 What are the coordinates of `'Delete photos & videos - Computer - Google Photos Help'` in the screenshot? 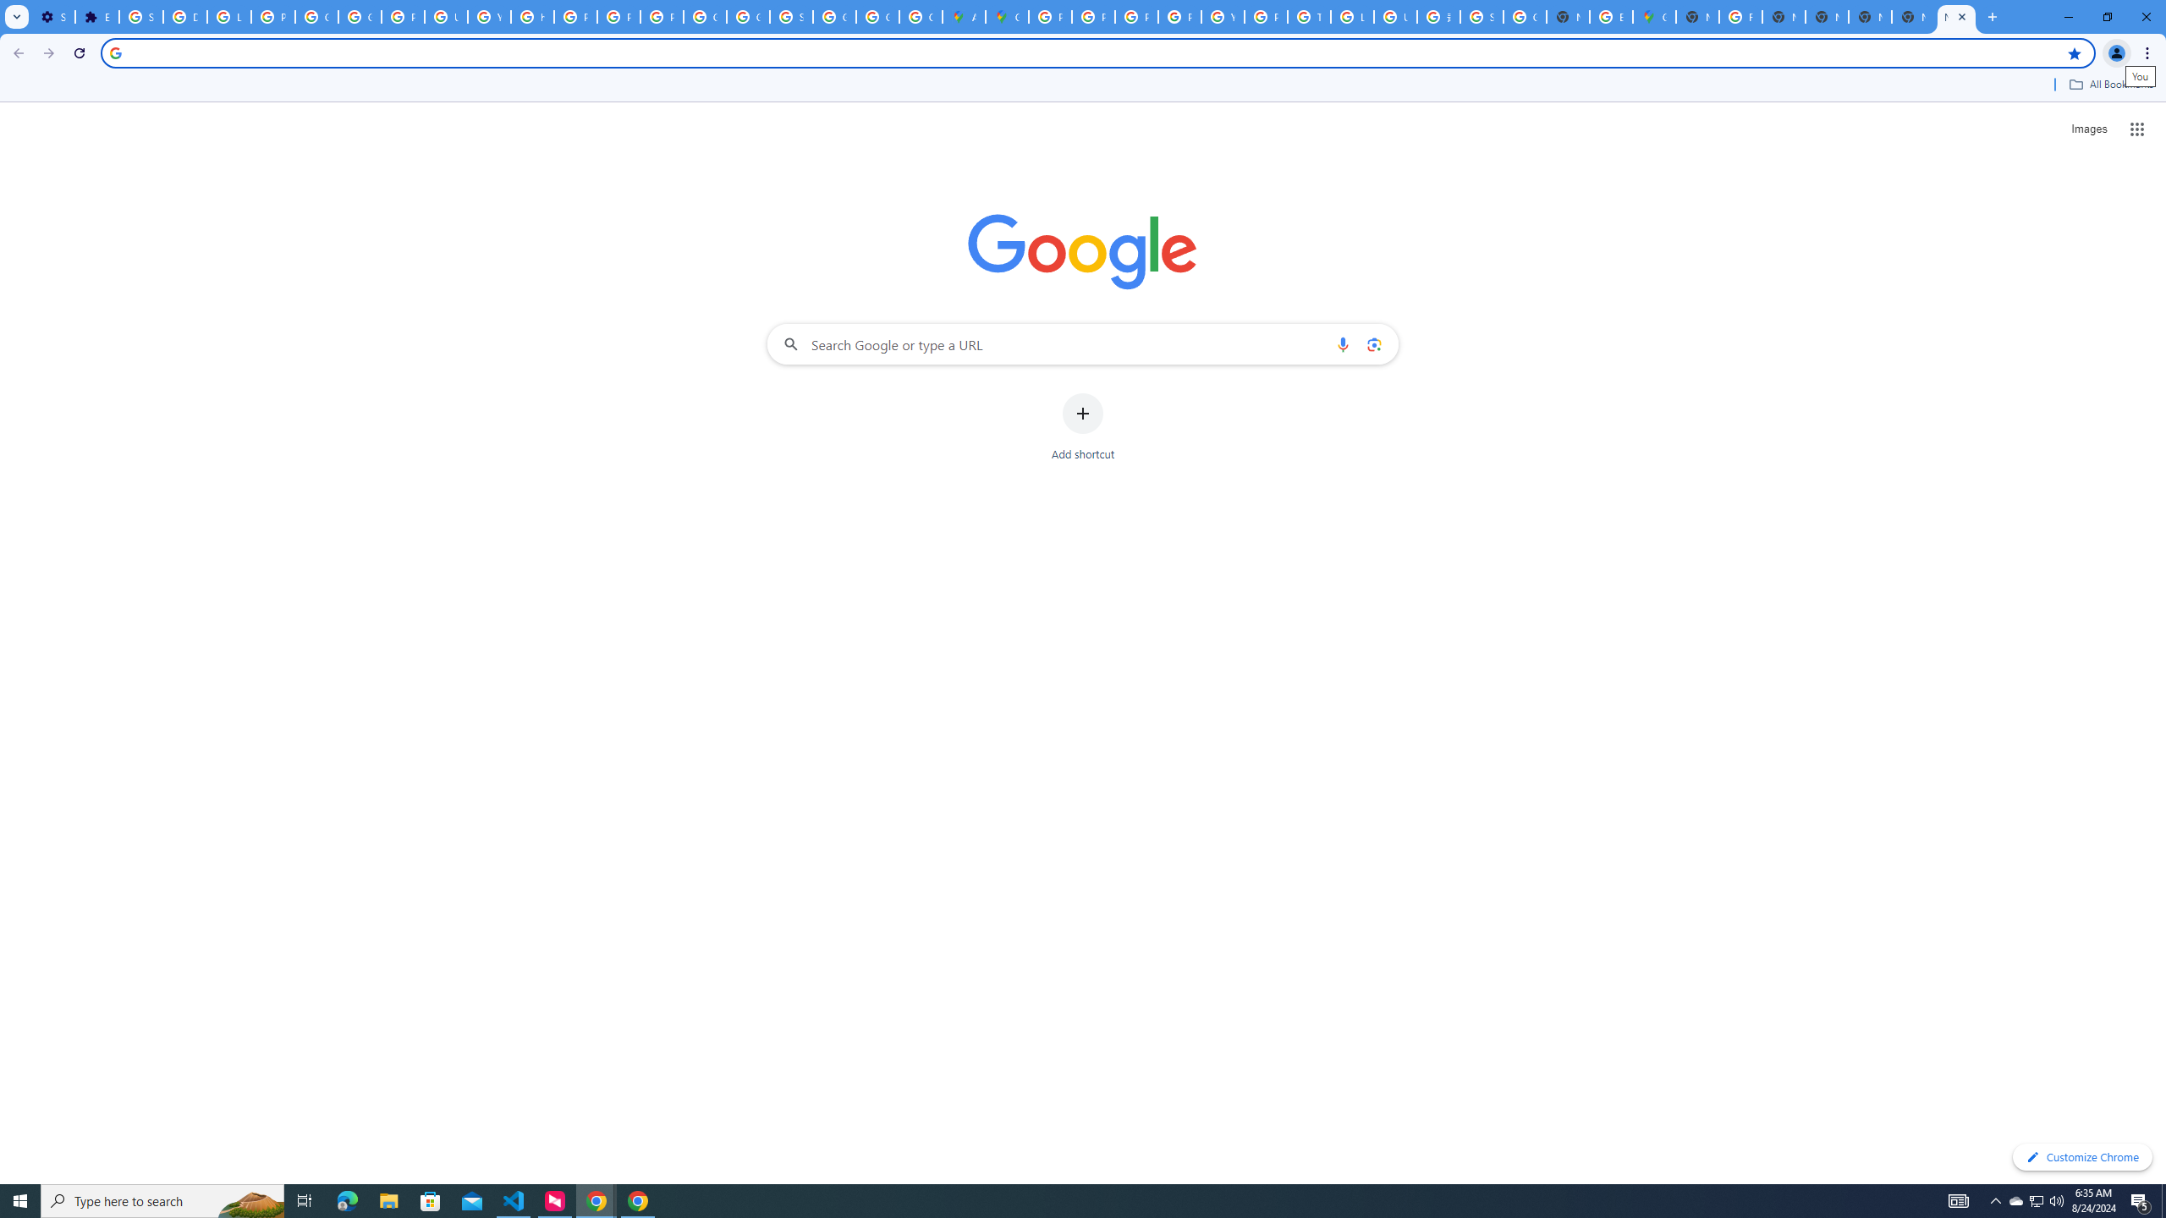 It's located at (184, 16).